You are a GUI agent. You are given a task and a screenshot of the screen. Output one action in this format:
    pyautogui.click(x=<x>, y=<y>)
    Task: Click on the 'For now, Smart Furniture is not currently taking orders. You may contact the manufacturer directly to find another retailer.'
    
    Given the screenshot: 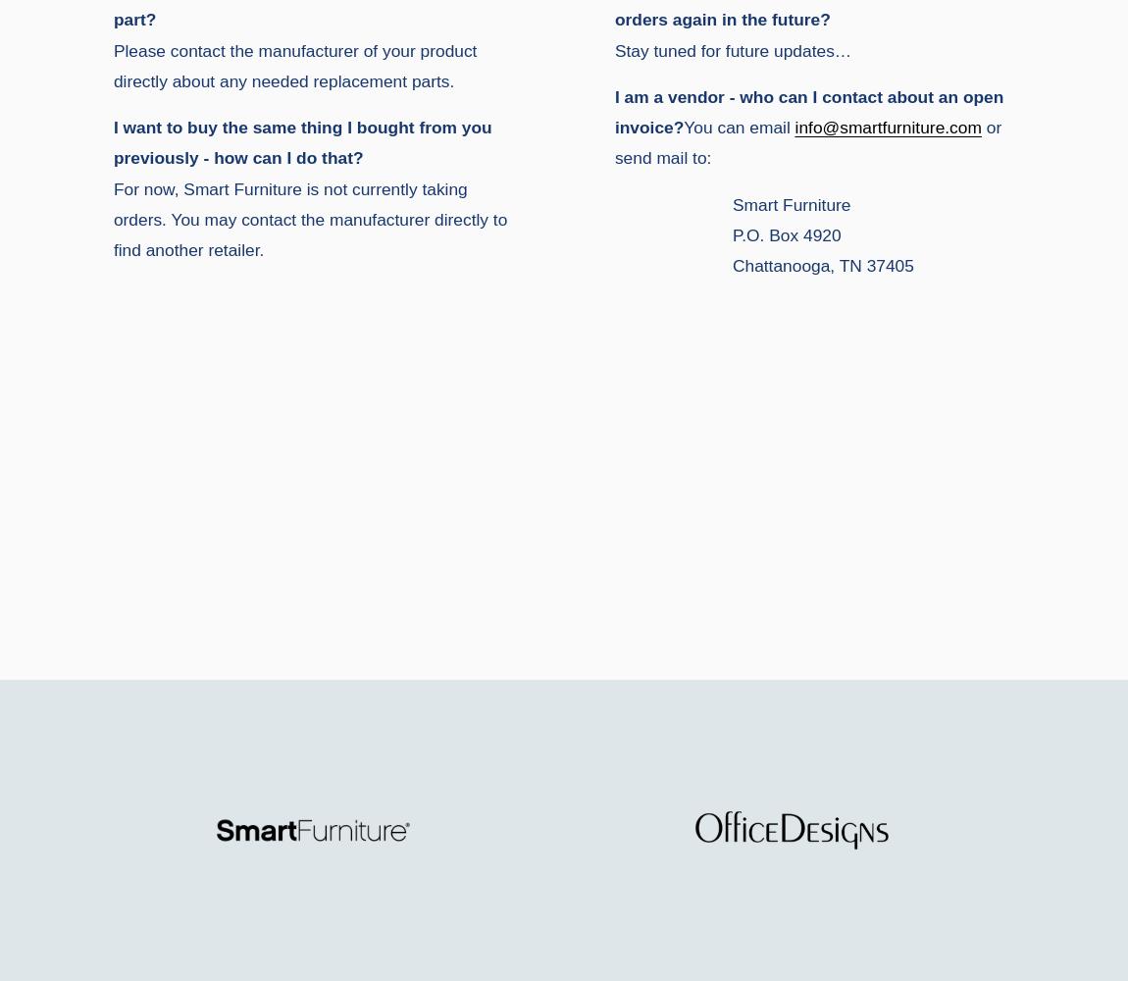 What is the action you would take?
    pyautogui.click(x=312, y=218)
    